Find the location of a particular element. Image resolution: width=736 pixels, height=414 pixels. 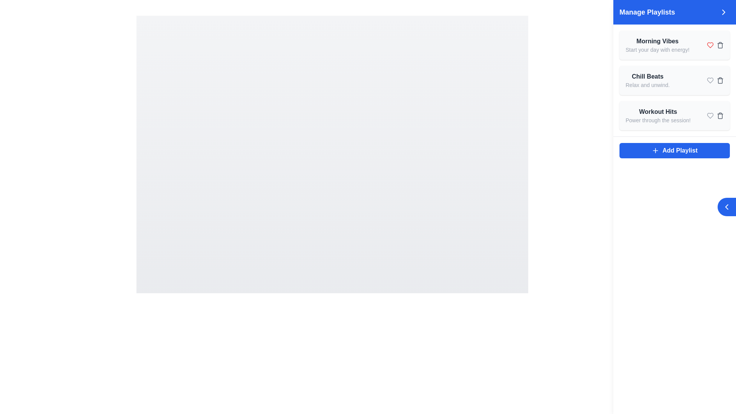

the trash bin icon in the right-side area of the 'Workout Hits' playlist section to change its color to blue is located at coordinates (715, 115).